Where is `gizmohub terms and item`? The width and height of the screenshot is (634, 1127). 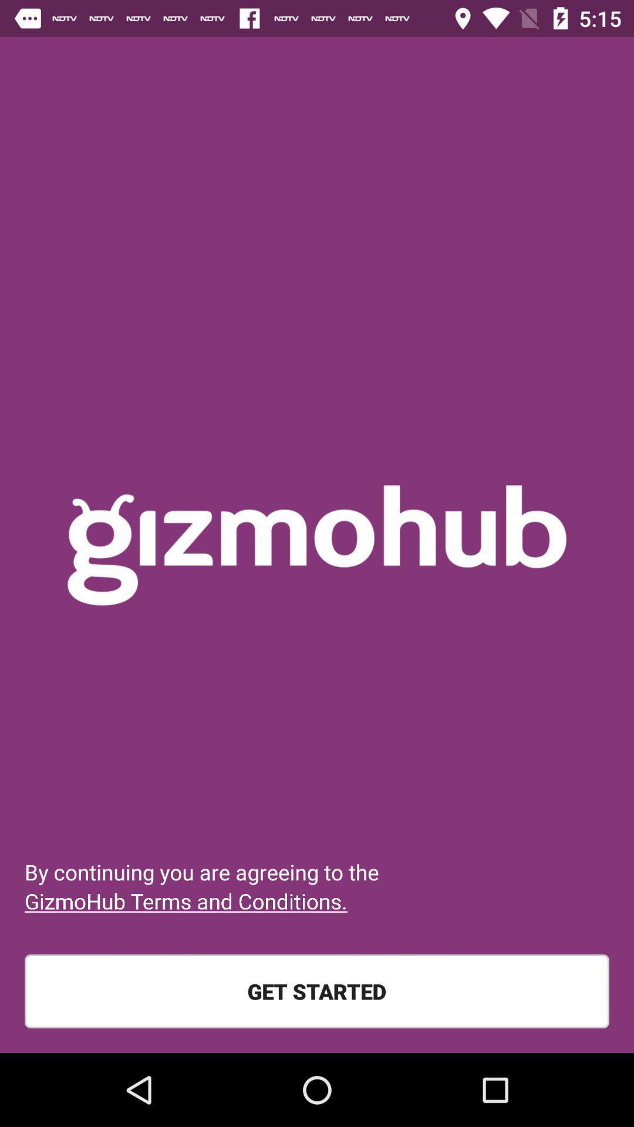
gizmohub terms and item is located at coordinates (185, 900).